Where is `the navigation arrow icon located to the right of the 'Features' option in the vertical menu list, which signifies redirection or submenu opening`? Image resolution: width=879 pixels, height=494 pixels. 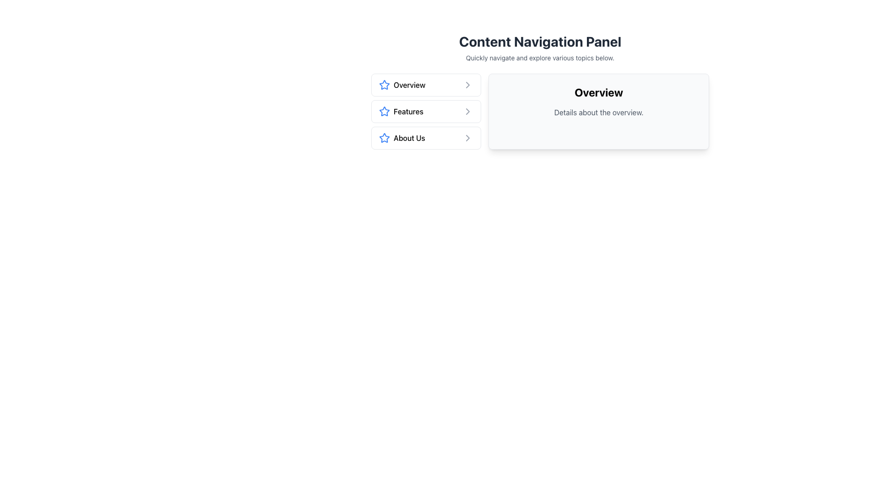
the navigation arrow icon located to the right of the 'Features' option in the vertical menu list, which signifies redirection or submenu opening is located at coordinates (468, 111).